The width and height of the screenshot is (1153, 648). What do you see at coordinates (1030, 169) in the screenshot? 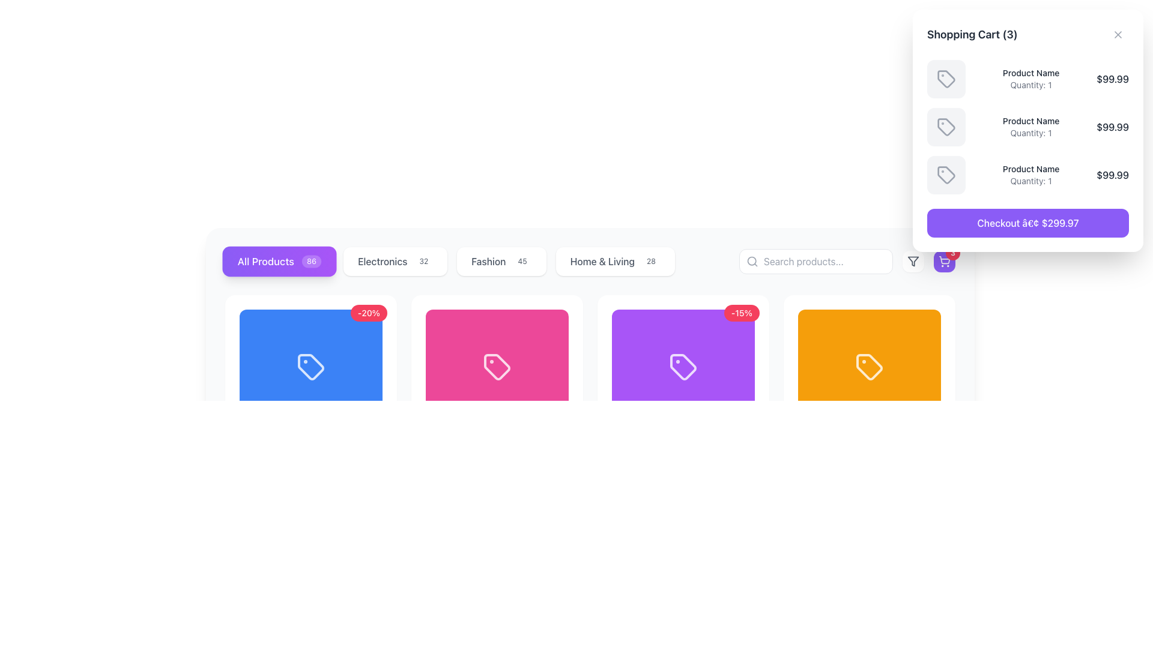
I see `the 'Product Name' text label displayed in a small font size with medium weight and dark gray color, located in the shopping cart modal on the right-hand side, under the third list item` at bounding box center [1030, 169].